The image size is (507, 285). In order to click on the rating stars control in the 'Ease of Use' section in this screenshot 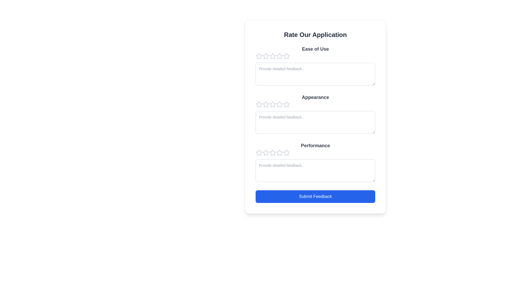, I will do `click(315, 56)`.